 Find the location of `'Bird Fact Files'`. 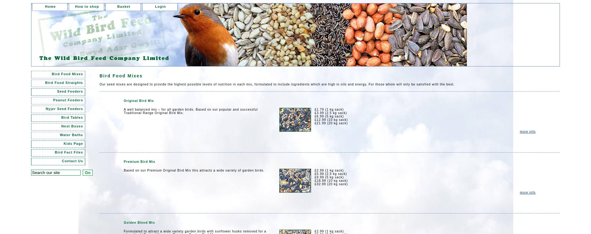

'Bird Fact Files' is located at coordinates (69, 152).